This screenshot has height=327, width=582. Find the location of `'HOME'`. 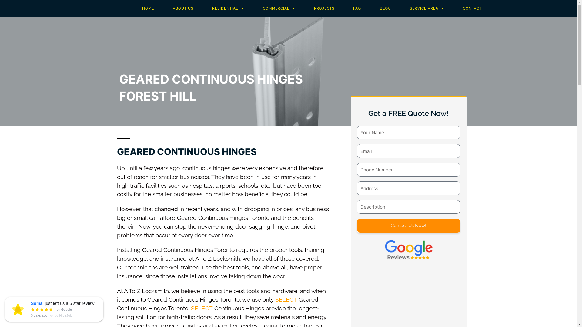

'HOME' is located at coordinates (148, 8).